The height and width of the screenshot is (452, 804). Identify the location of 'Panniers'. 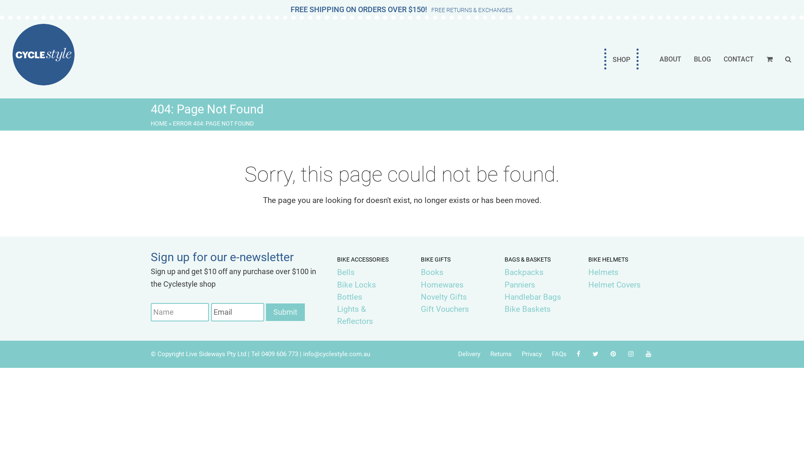
(504, 284).